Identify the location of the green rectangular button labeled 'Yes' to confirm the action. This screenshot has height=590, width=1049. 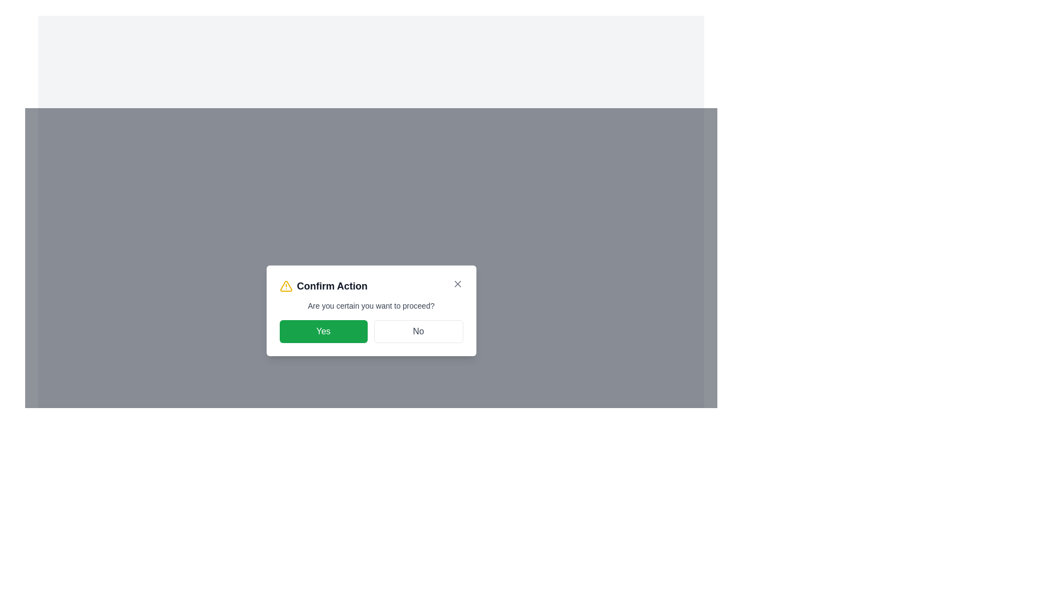
(322, 331).